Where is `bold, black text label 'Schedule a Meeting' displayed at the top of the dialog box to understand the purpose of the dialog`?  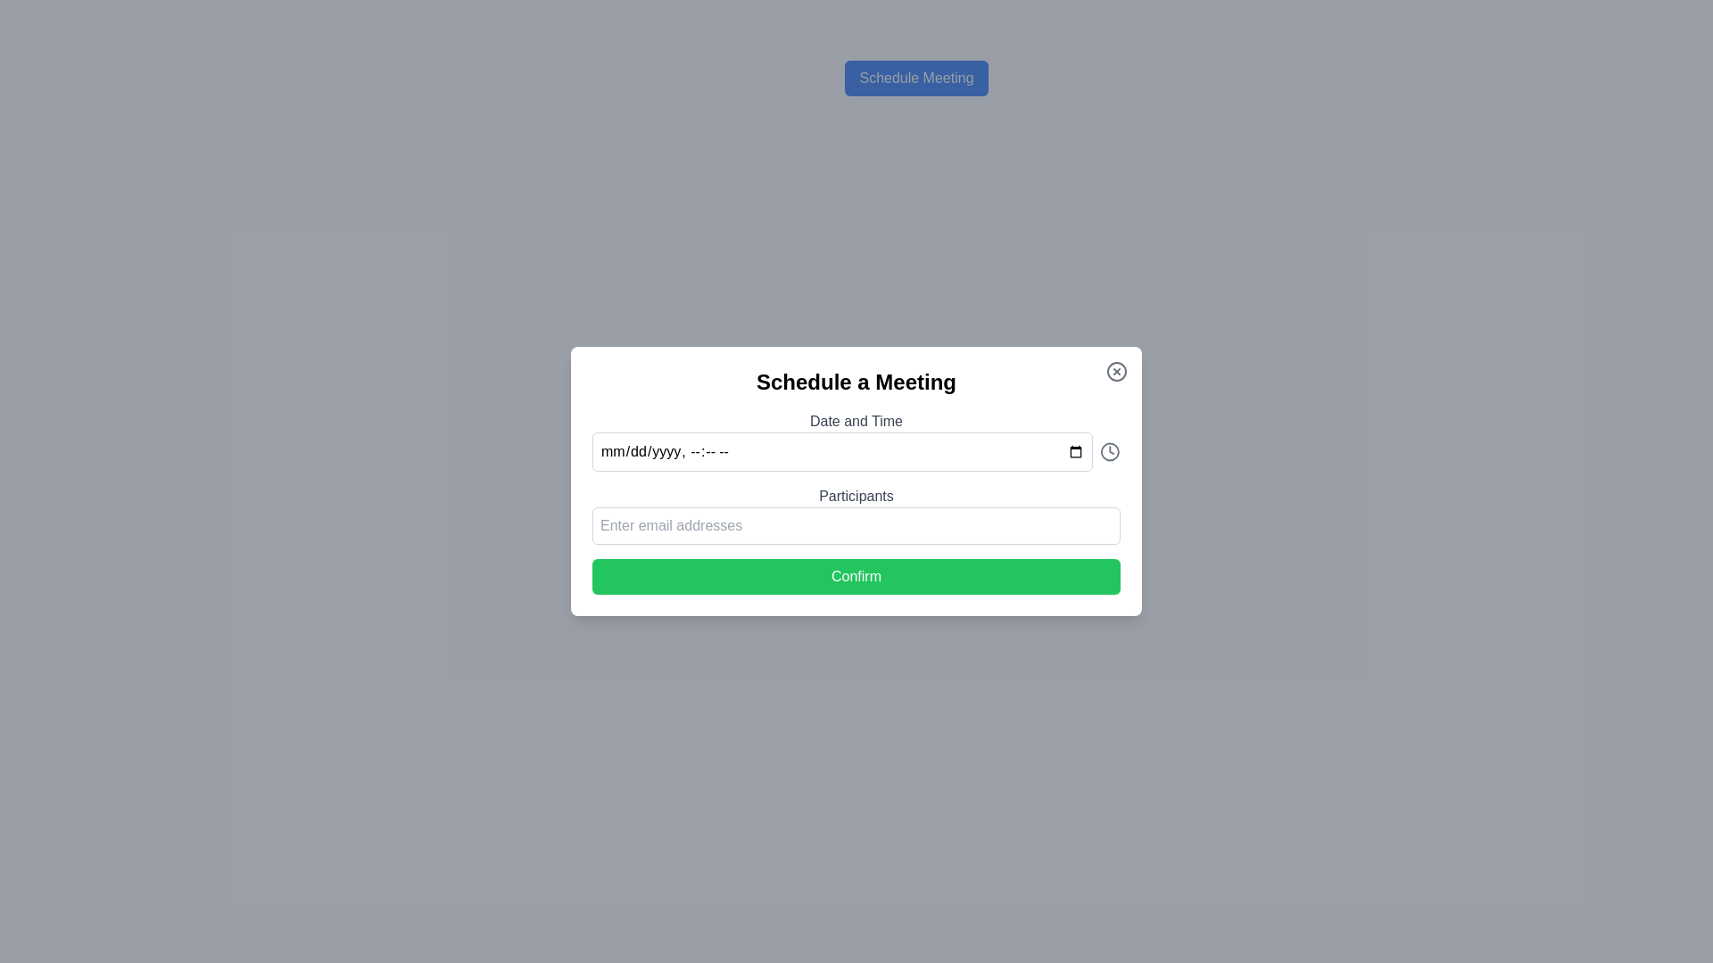 bold, black text label 'Schedule a Meeting' displayed at the top of the dialog box to understand the purpose of the dialog is located at coordinates (856, 381).